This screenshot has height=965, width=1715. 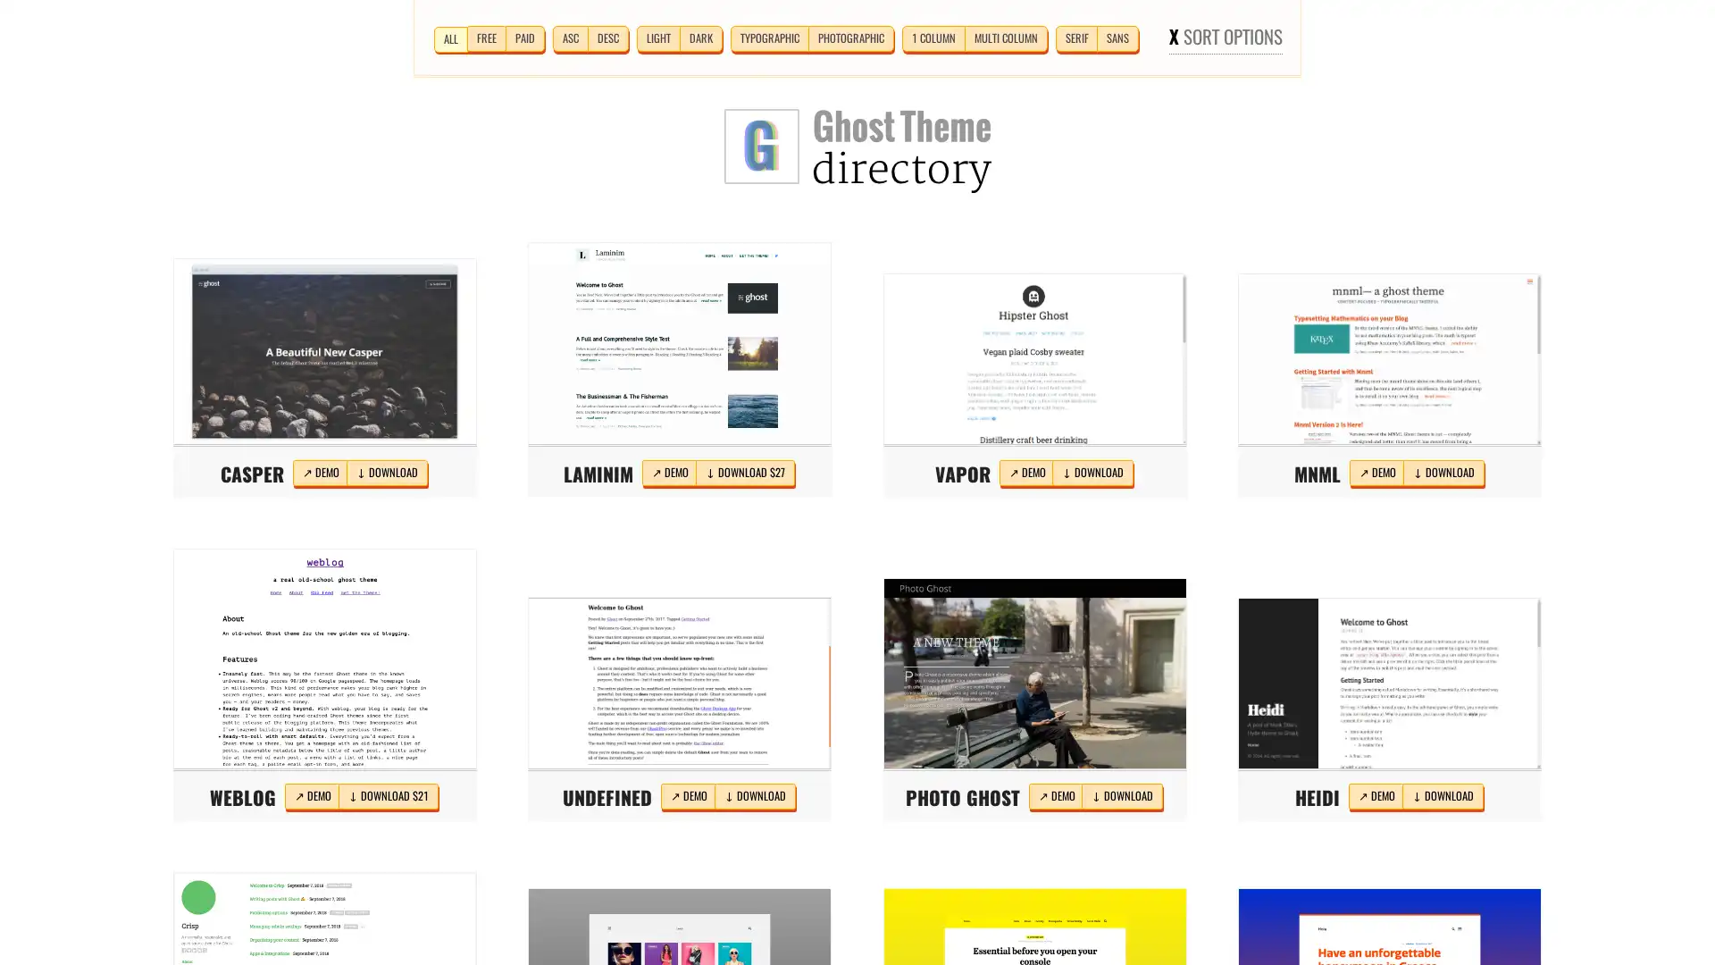 What do you see at coordinates (768, 38) in the screenshot?
I see `TYPOGRAPHIC` at bounding box center [768, 38].